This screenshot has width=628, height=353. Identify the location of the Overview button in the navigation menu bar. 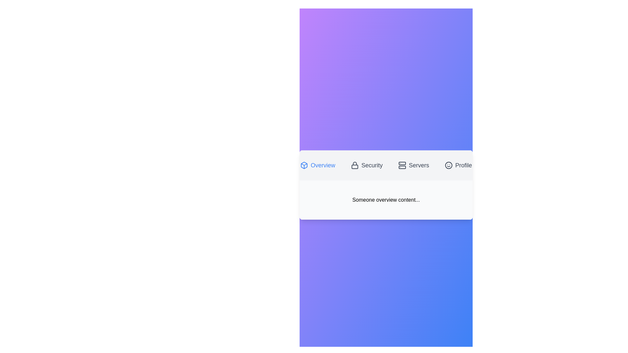
(318, 165).